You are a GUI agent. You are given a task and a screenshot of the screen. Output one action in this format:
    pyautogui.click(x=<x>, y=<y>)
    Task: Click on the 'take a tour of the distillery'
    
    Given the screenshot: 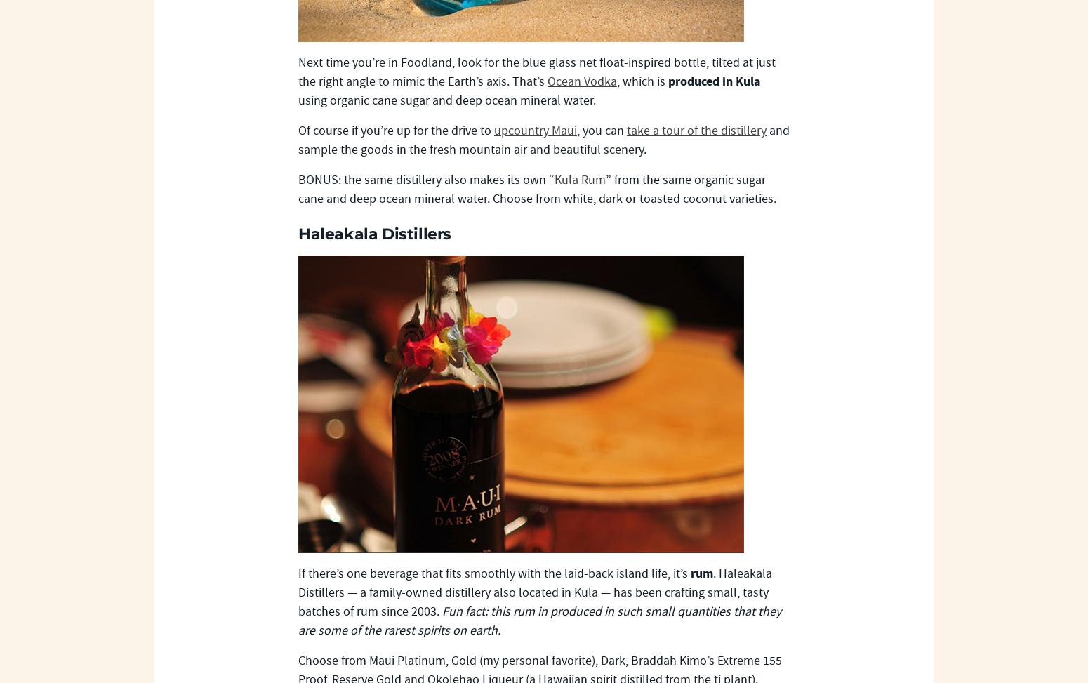 What is the action you would take?
    pyautogui.click(x=696, y=131)
    